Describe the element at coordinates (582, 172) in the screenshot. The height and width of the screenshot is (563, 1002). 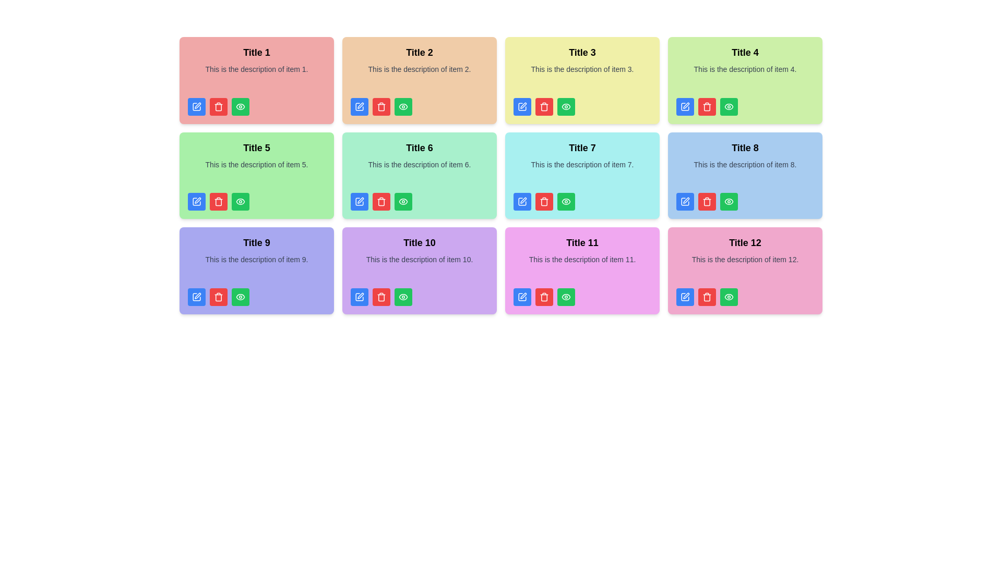
I see `description text located in the second row, third column of the grid layout, underneath the title 'Title 7'` at that location.